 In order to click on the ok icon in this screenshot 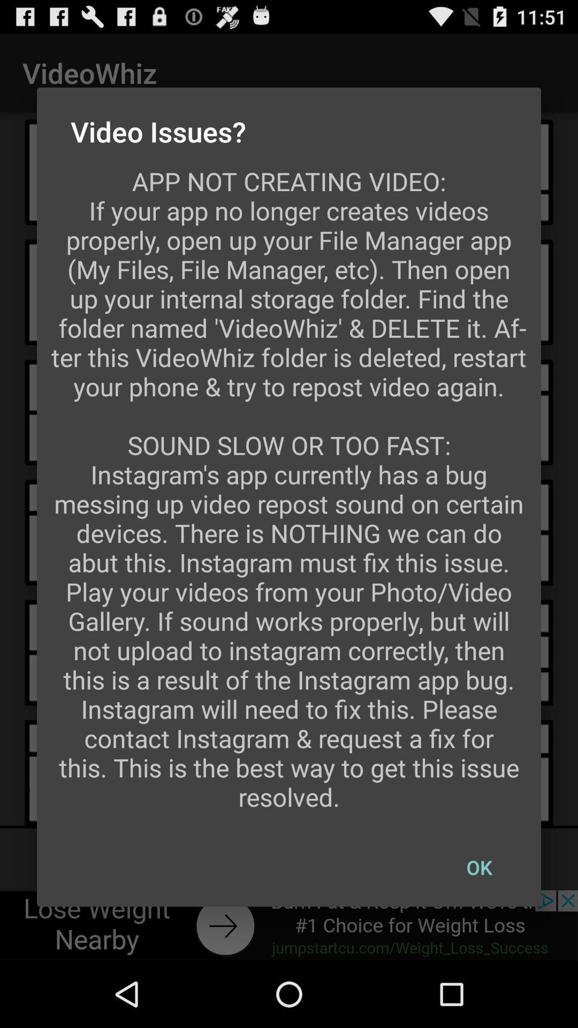, I will do `click(478, 867)`.